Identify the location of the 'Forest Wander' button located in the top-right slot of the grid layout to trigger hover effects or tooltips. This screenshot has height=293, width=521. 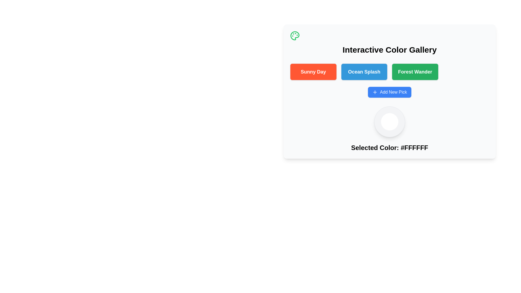
(415, 72).